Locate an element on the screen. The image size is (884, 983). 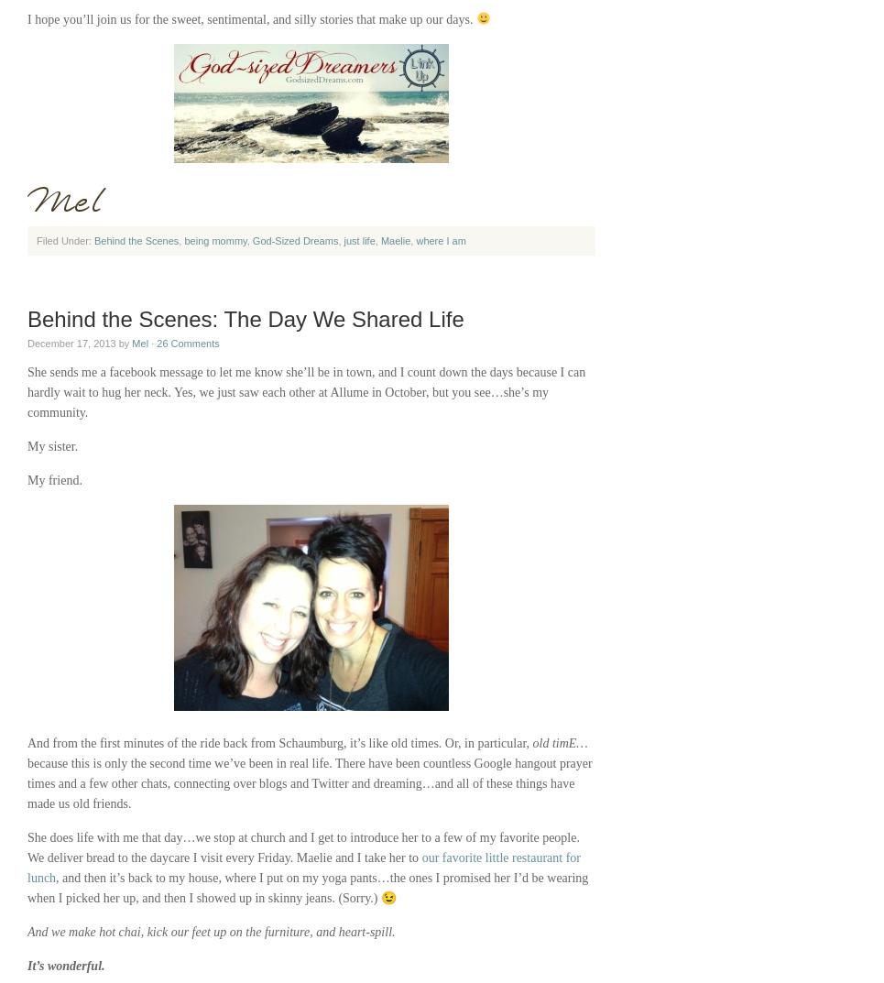
'My sister.' is located at coordinates (52, 445).